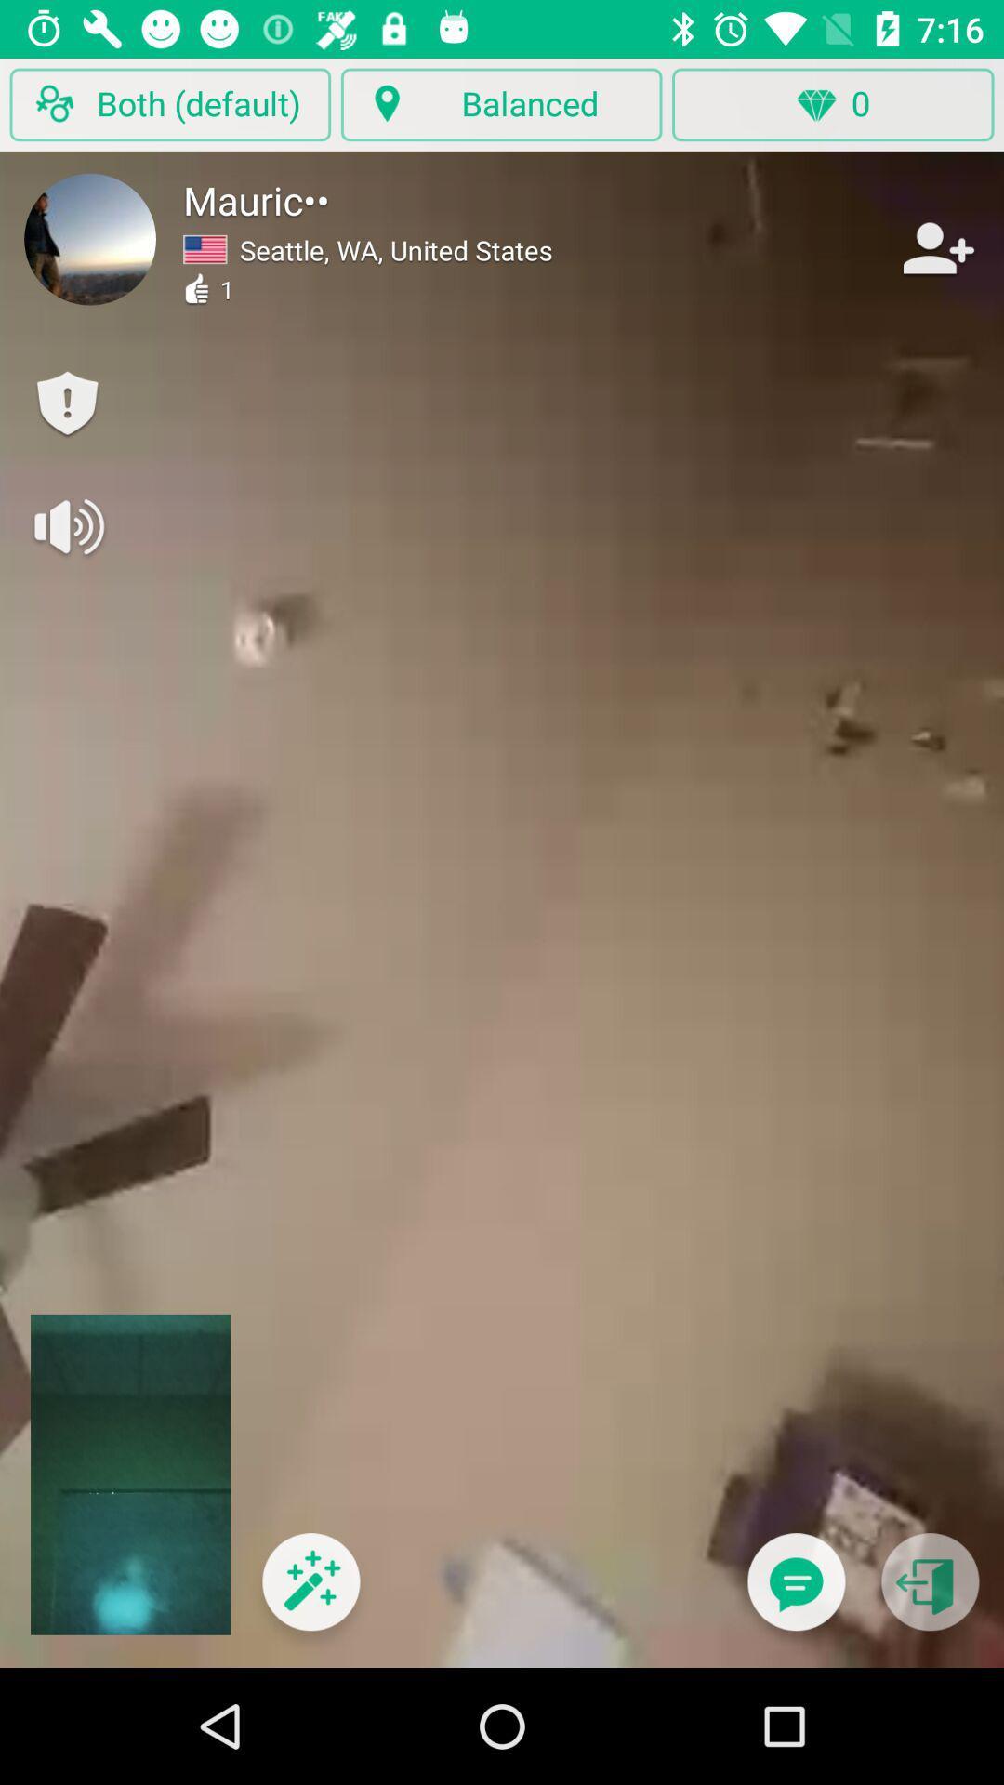 The width and height of the screenshot is (1004, 1785). Describe the element at coordinates (936, 247) in the screenshot. I see `the follow icon` at that location.